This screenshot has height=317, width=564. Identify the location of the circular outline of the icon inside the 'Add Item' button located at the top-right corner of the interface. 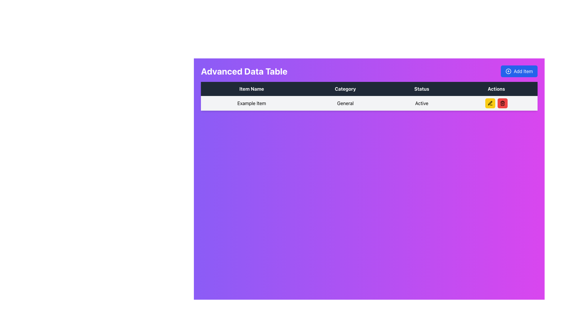
(508, 71).